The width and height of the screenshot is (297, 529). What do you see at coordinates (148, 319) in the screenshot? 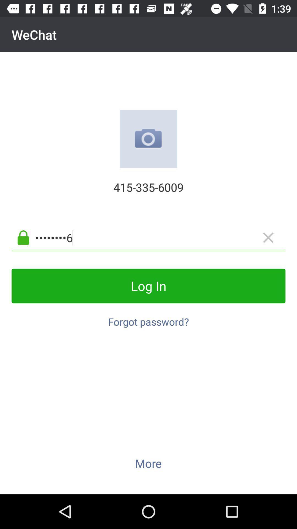
I see `the button above more icon` at bounding box center [148, 319].